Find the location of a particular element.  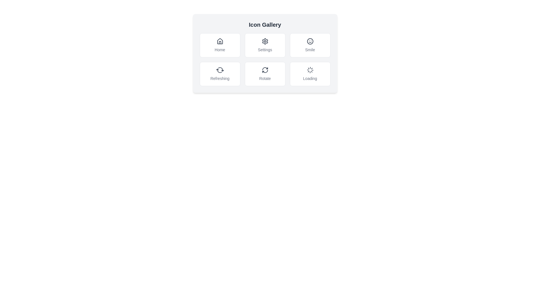

the house-shaped icon in the upper-left corner of the grid layout is located at coordinates (219, 41).